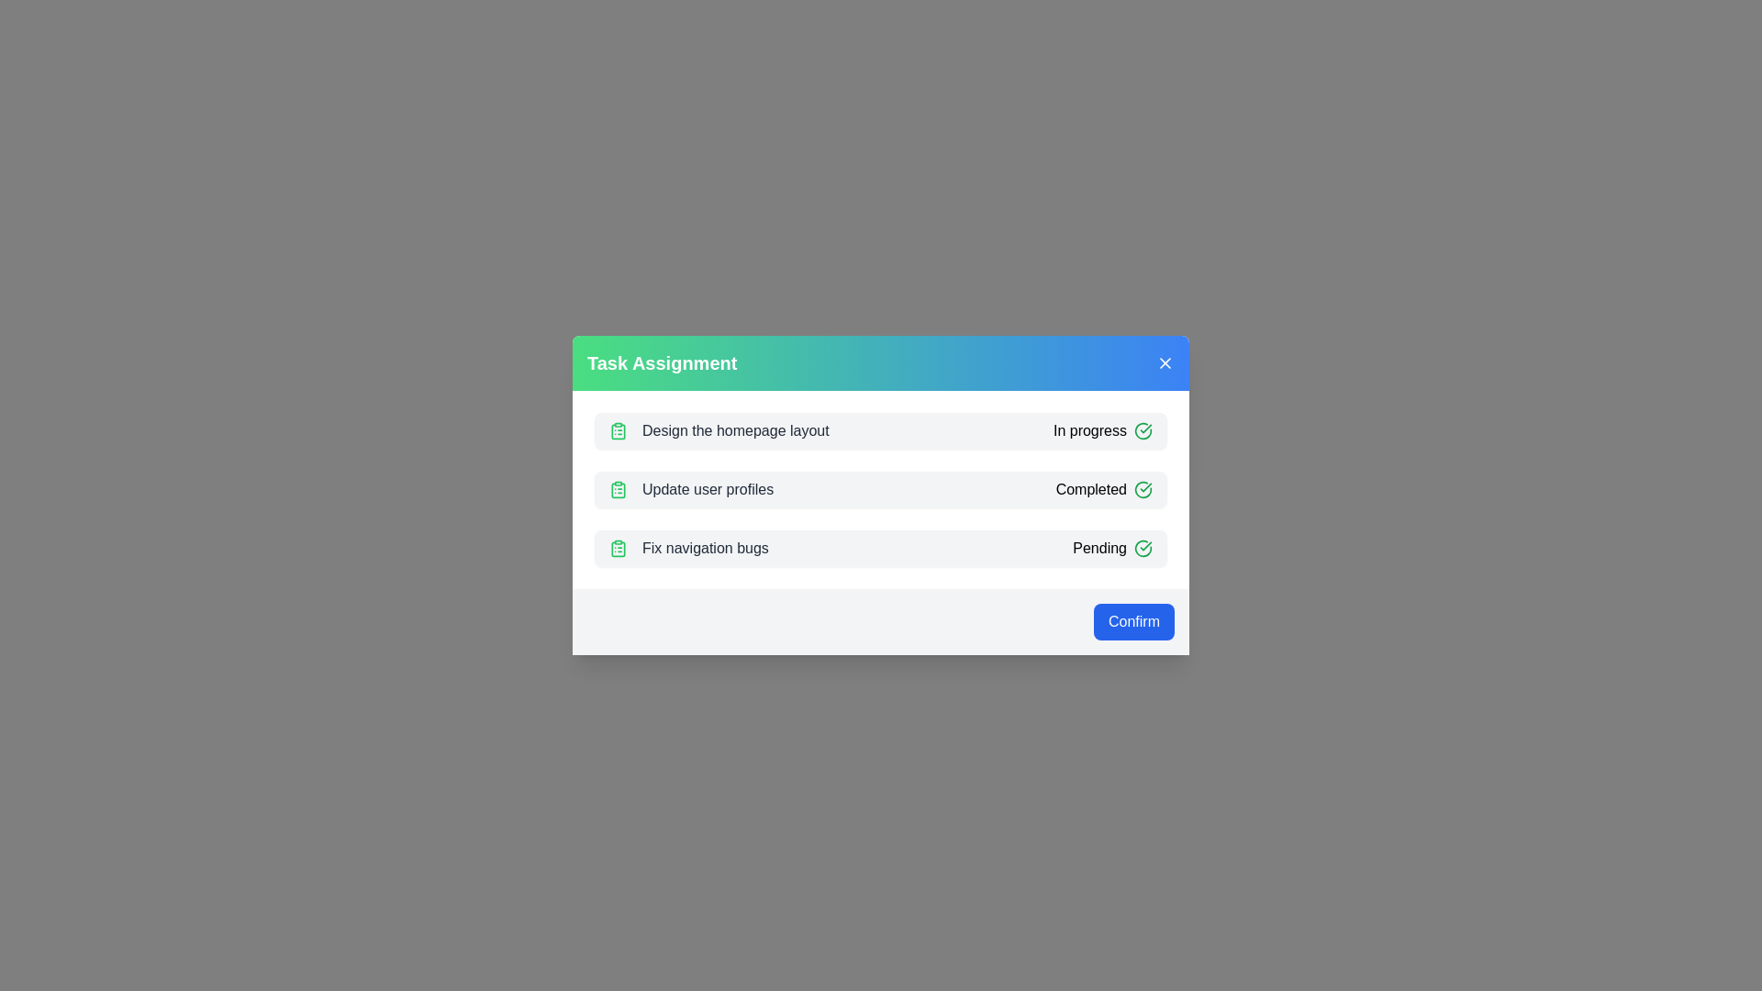 The height and width of the screenshot is (991, 1762). What do you see at coordinates (881, 547) in the screenshot?
I see `the dot for additional actions associated with the task item 'Fix navigation bugs' in the task management modal` at bounding box center [881, 547].